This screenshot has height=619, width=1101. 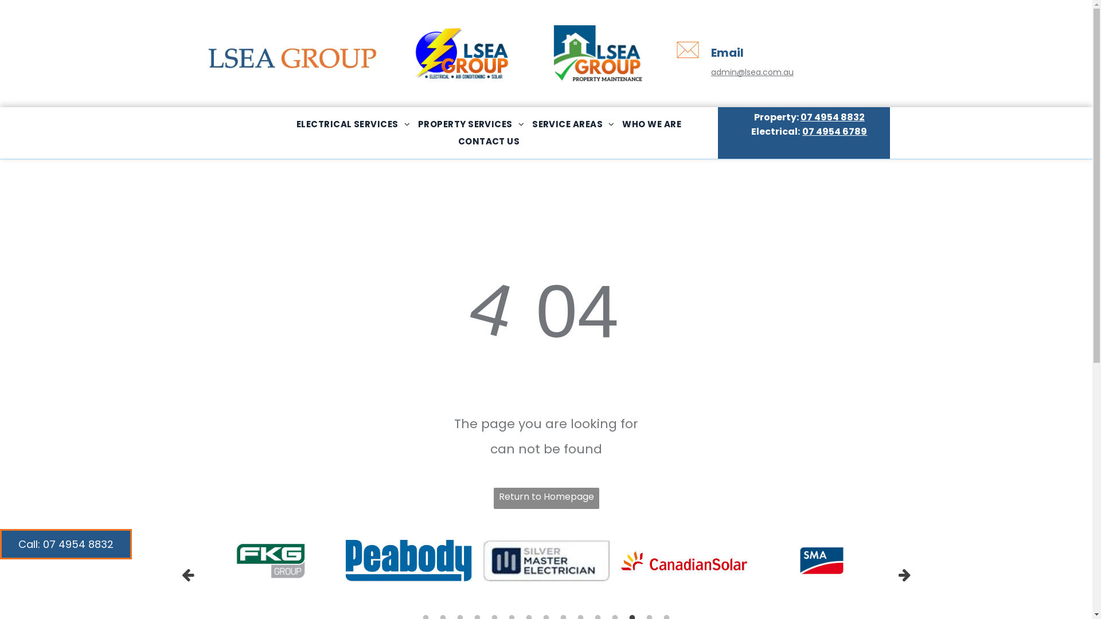 What do you see at coordinates (573, 124) in the screenshot?
I see `'SERVICE AREAS'` at bounding box center [573, 124].